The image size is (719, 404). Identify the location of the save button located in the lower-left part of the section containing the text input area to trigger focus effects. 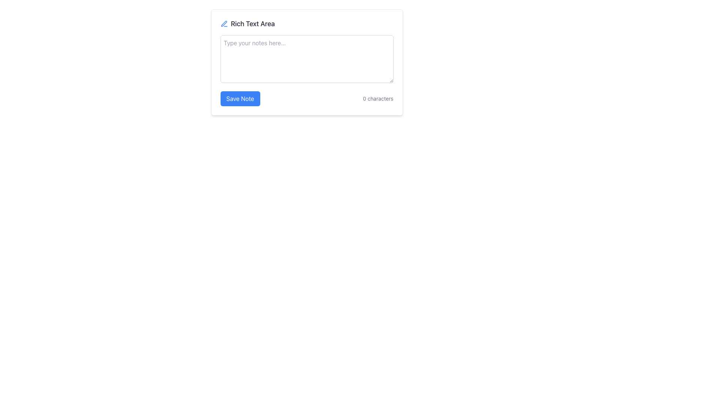
(240, 98).